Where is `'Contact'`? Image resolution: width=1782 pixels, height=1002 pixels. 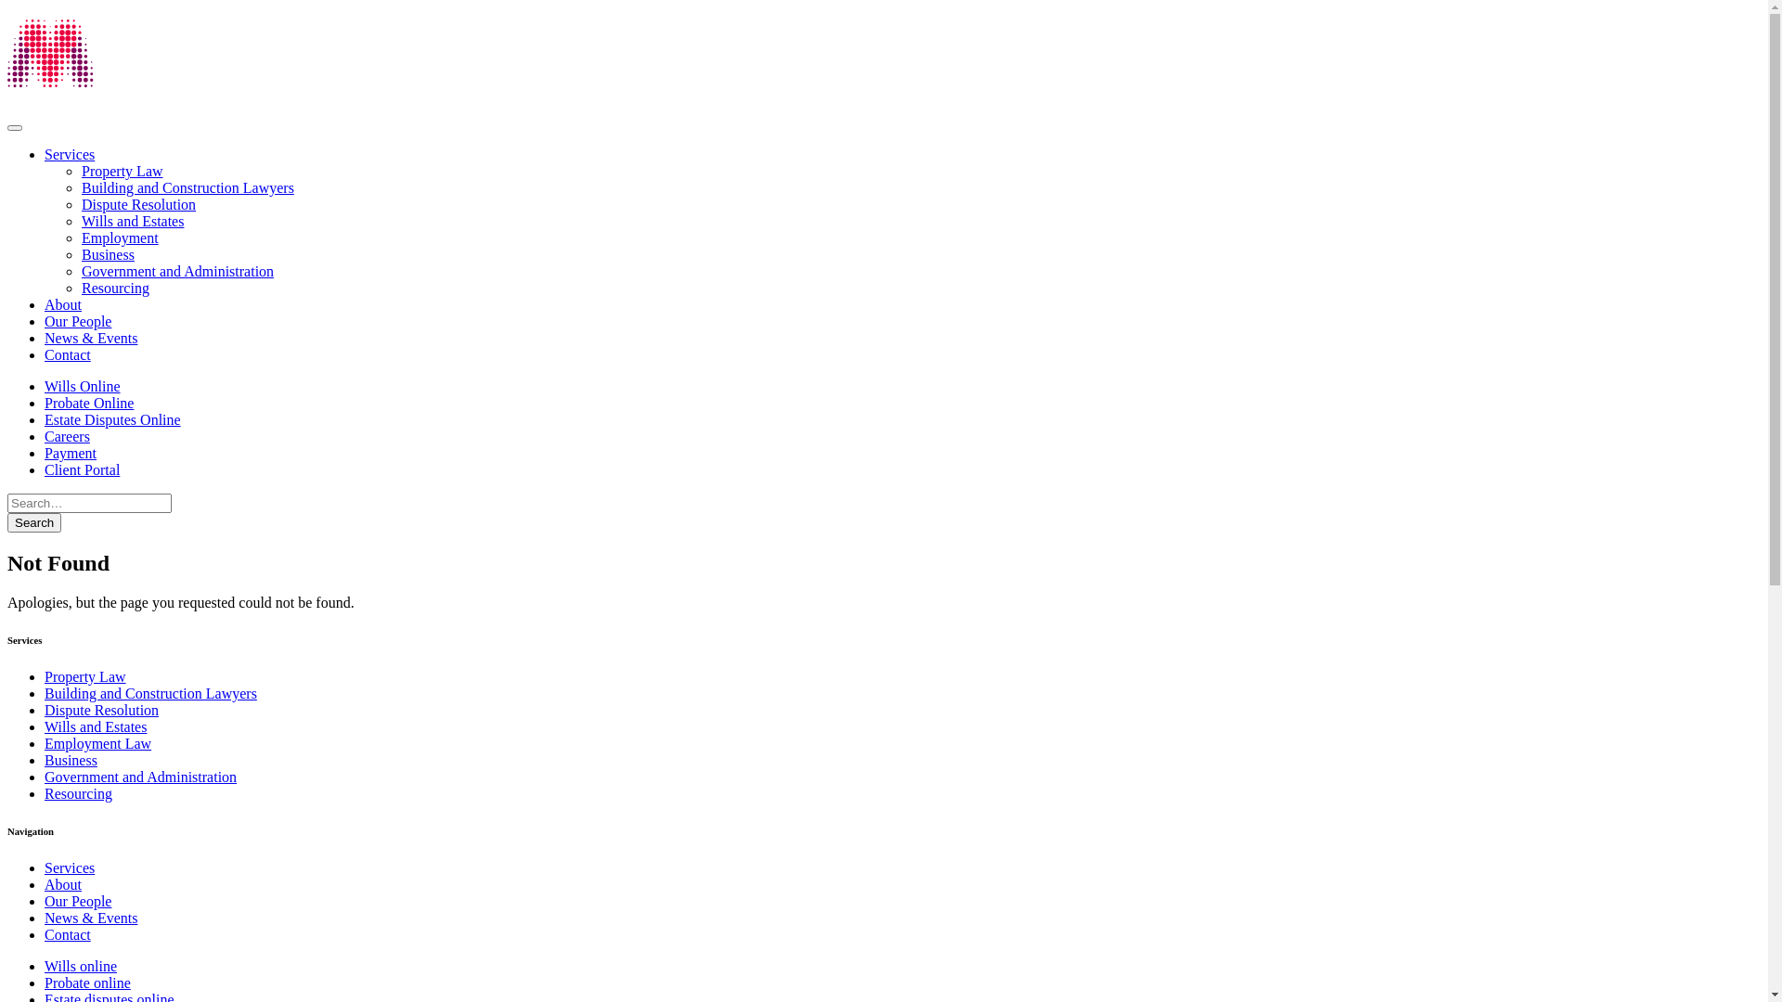
'Contact' is located at coordinates (67, 934).